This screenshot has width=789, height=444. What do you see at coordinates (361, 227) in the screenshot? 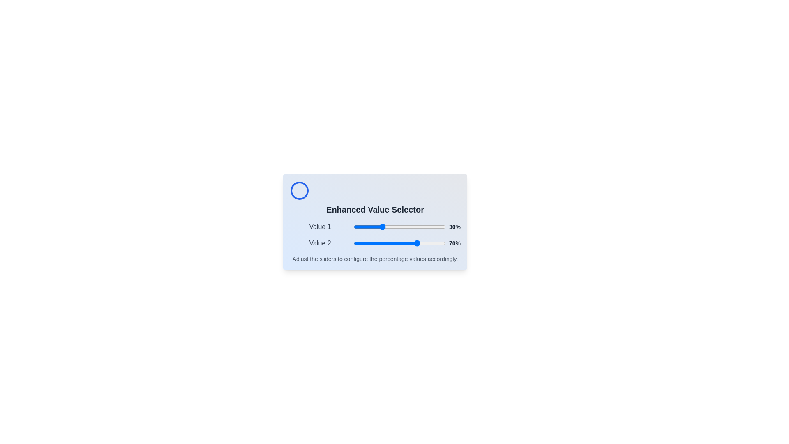
I see `the slider for Value 1 to 8%` at bounding box center [361, 227].